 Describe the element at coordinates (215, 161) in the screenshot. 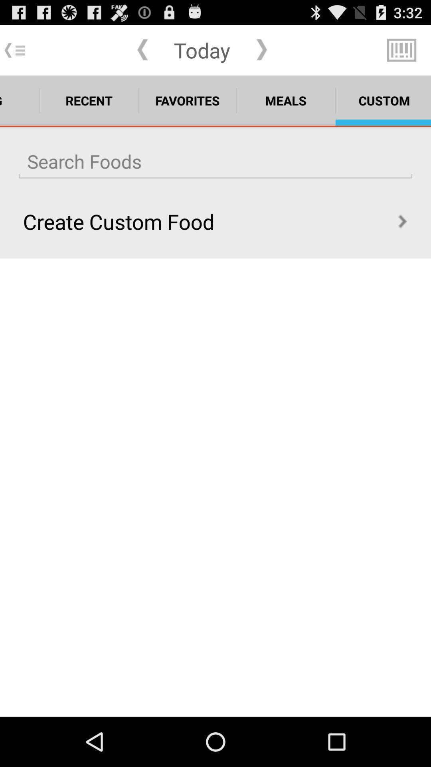

I see `search for foods` at that location.